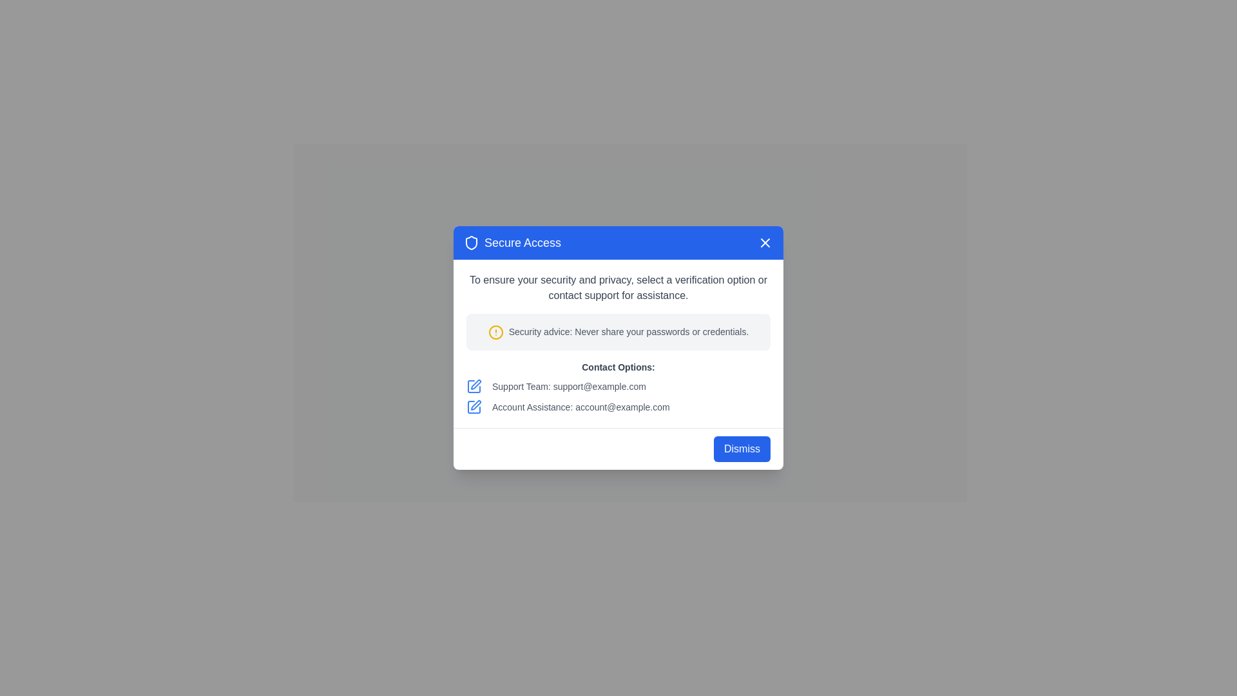 The width and height of the screenshot is (1237, 696). I want to click on the close button represented as an 'X' shape in the top-right corner of the blue dialog box titled 'Secure Access', so click(765, 243).